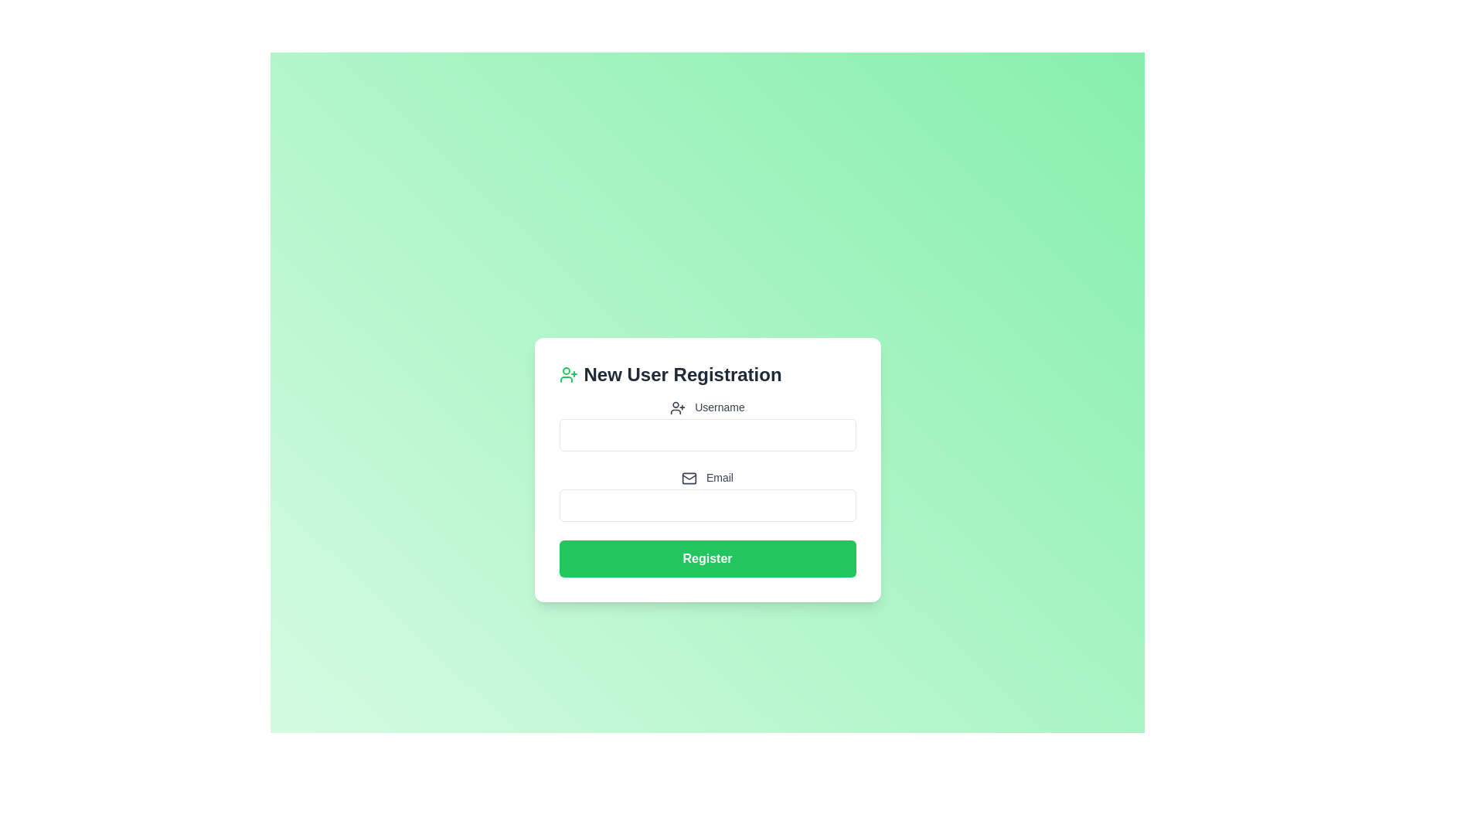  I want to click on the 'Register' button, which is a bright green button with bold white text, located at the bottom of the 'New User Registration' form, so click(706, 559).